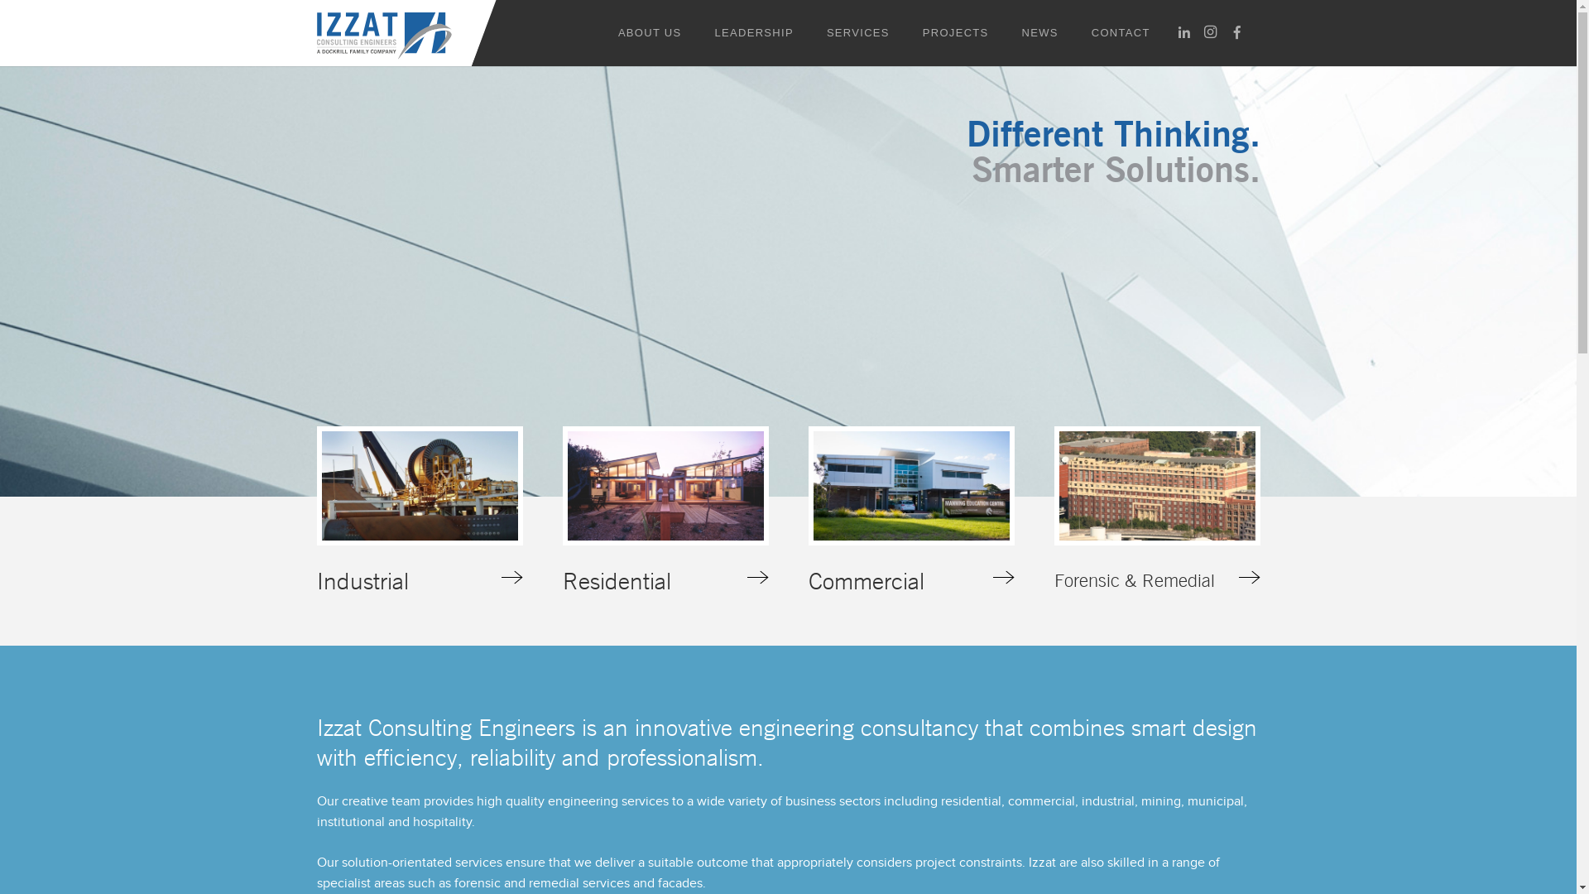 The height and width of the screenshot is (894, 1589). I want to click on 'LEADERSHIP', so click(753, 32).